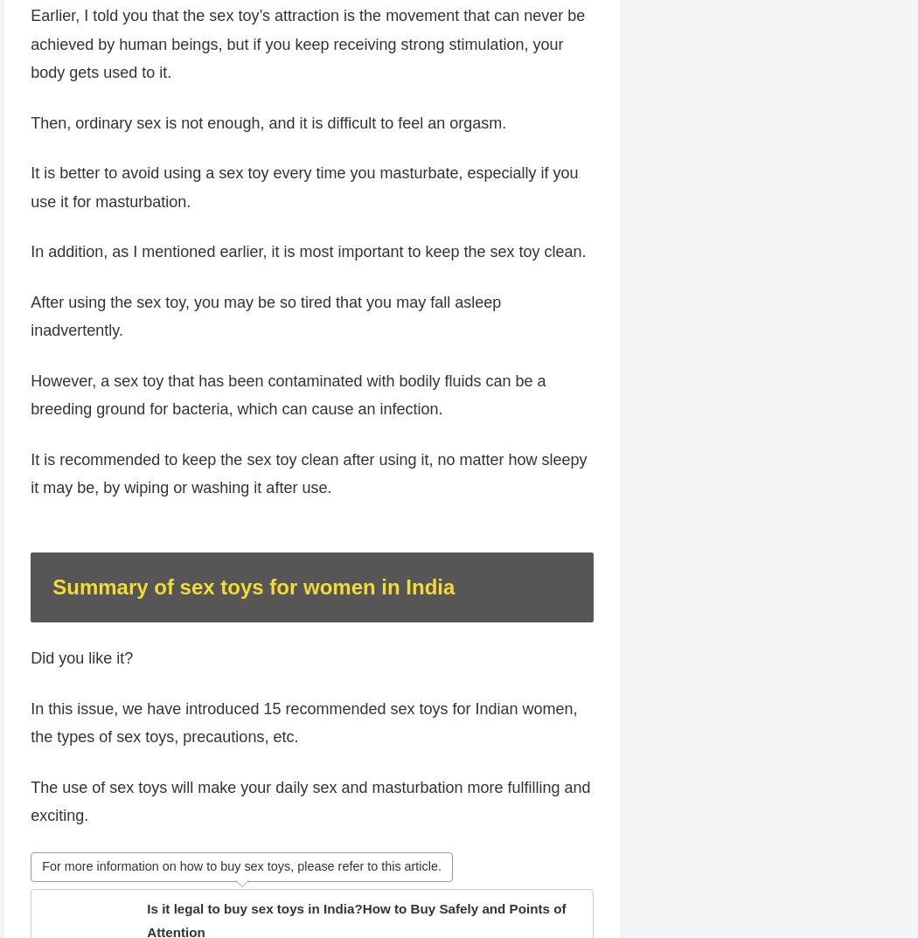  What do you see at coordinates (307, 284) in the screenshot?
I see `'In addition, as I mentioned earlier, it is most important to keep the sex toy clean.'` at bounding box center [307, 284].